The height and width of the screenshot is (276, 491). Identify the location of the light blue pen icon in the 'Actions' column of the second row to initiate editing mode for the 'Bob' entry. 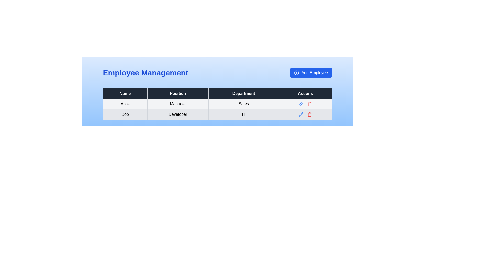
(301, 104).